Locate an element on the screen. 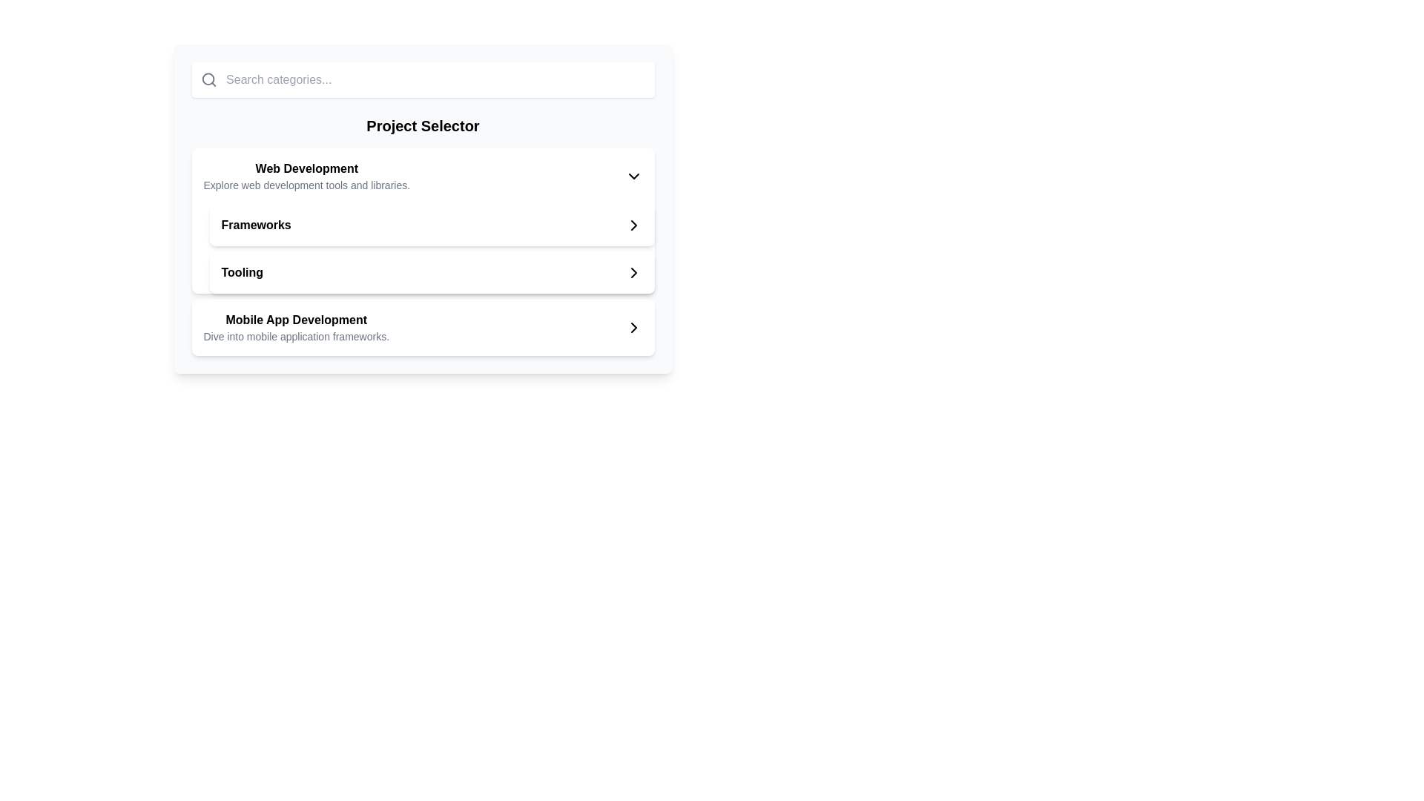 The image size is (1424, 801). the right-pointing arrow icon in the 'Mobile App Development' section is located at coordinates (633, 327).